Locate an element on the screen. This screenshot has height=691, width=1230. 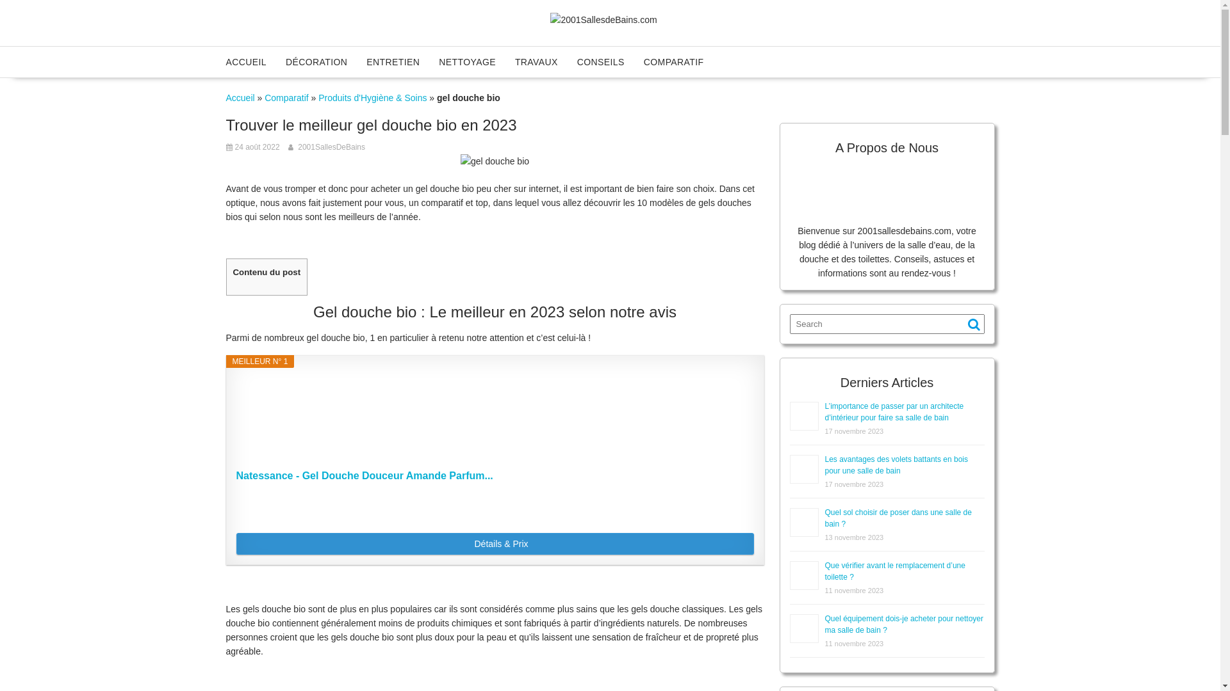
'Comparatif' is located at coordinates (285, 97).